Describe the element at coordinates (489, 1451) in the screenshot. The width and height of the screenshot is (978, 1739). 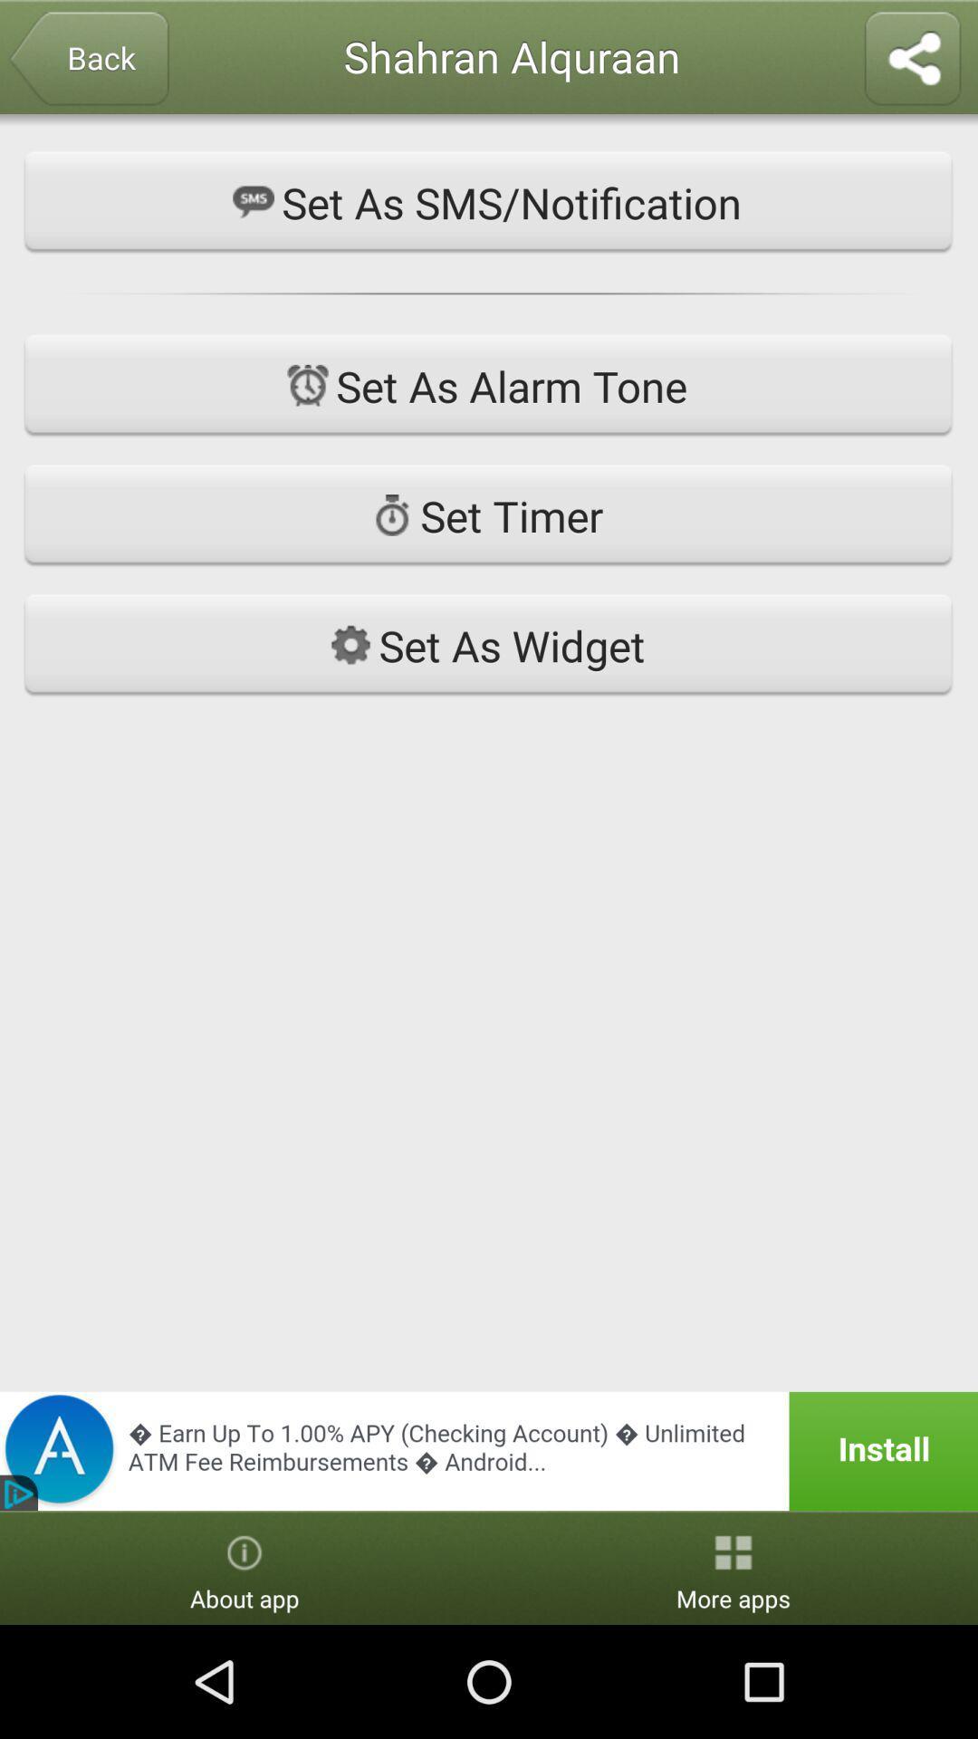
I see `install app from advertisement` at that location.